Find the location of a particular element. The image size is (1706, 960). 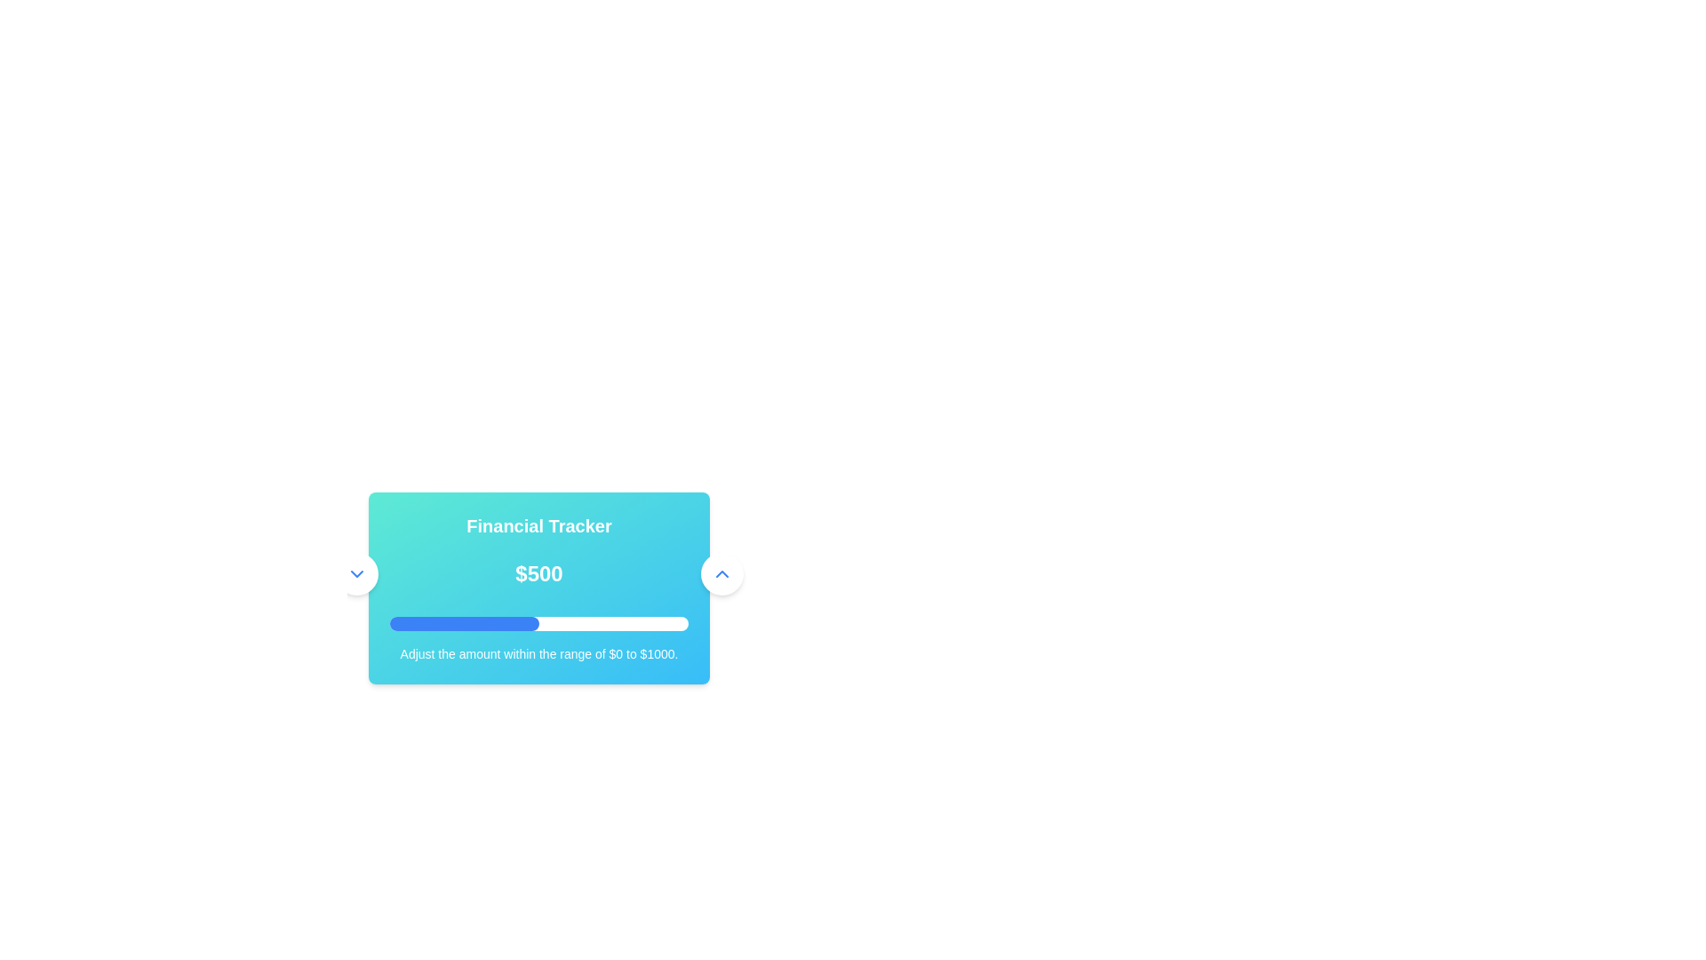

the slider is located at coordinates (490, 623).